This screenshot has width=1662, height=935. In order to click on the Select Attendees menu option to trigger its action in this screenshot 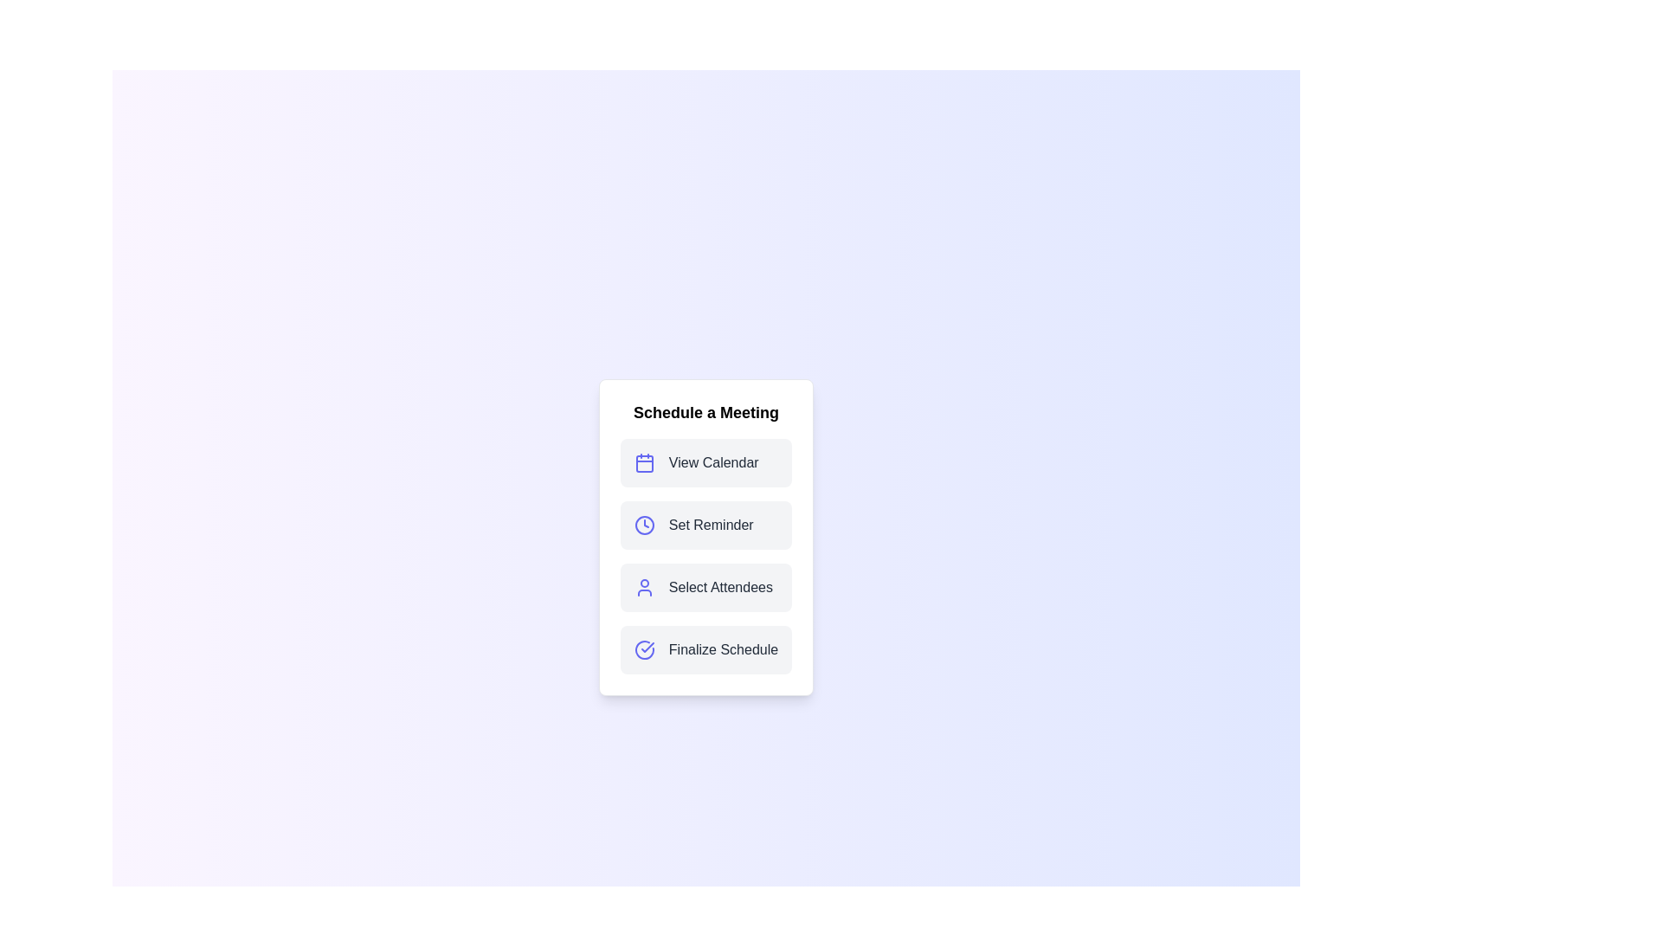, I will do `click(706, 586)`.